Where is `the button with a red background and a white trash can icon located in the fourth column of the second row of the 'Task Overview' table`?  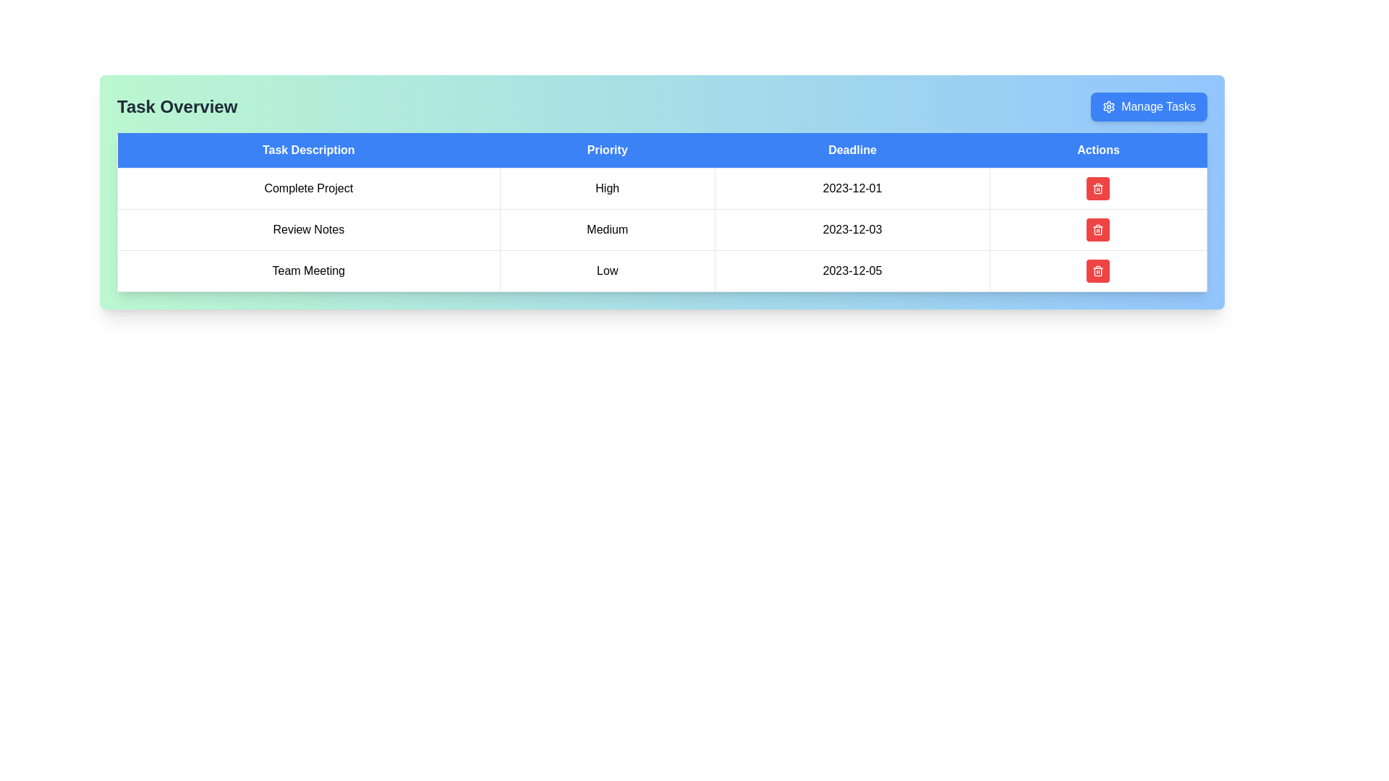 the button with a red background and a white trash can icon located in the fourth column of the second row of the 'Task Overview' table is located at coordinates (1098, 229).